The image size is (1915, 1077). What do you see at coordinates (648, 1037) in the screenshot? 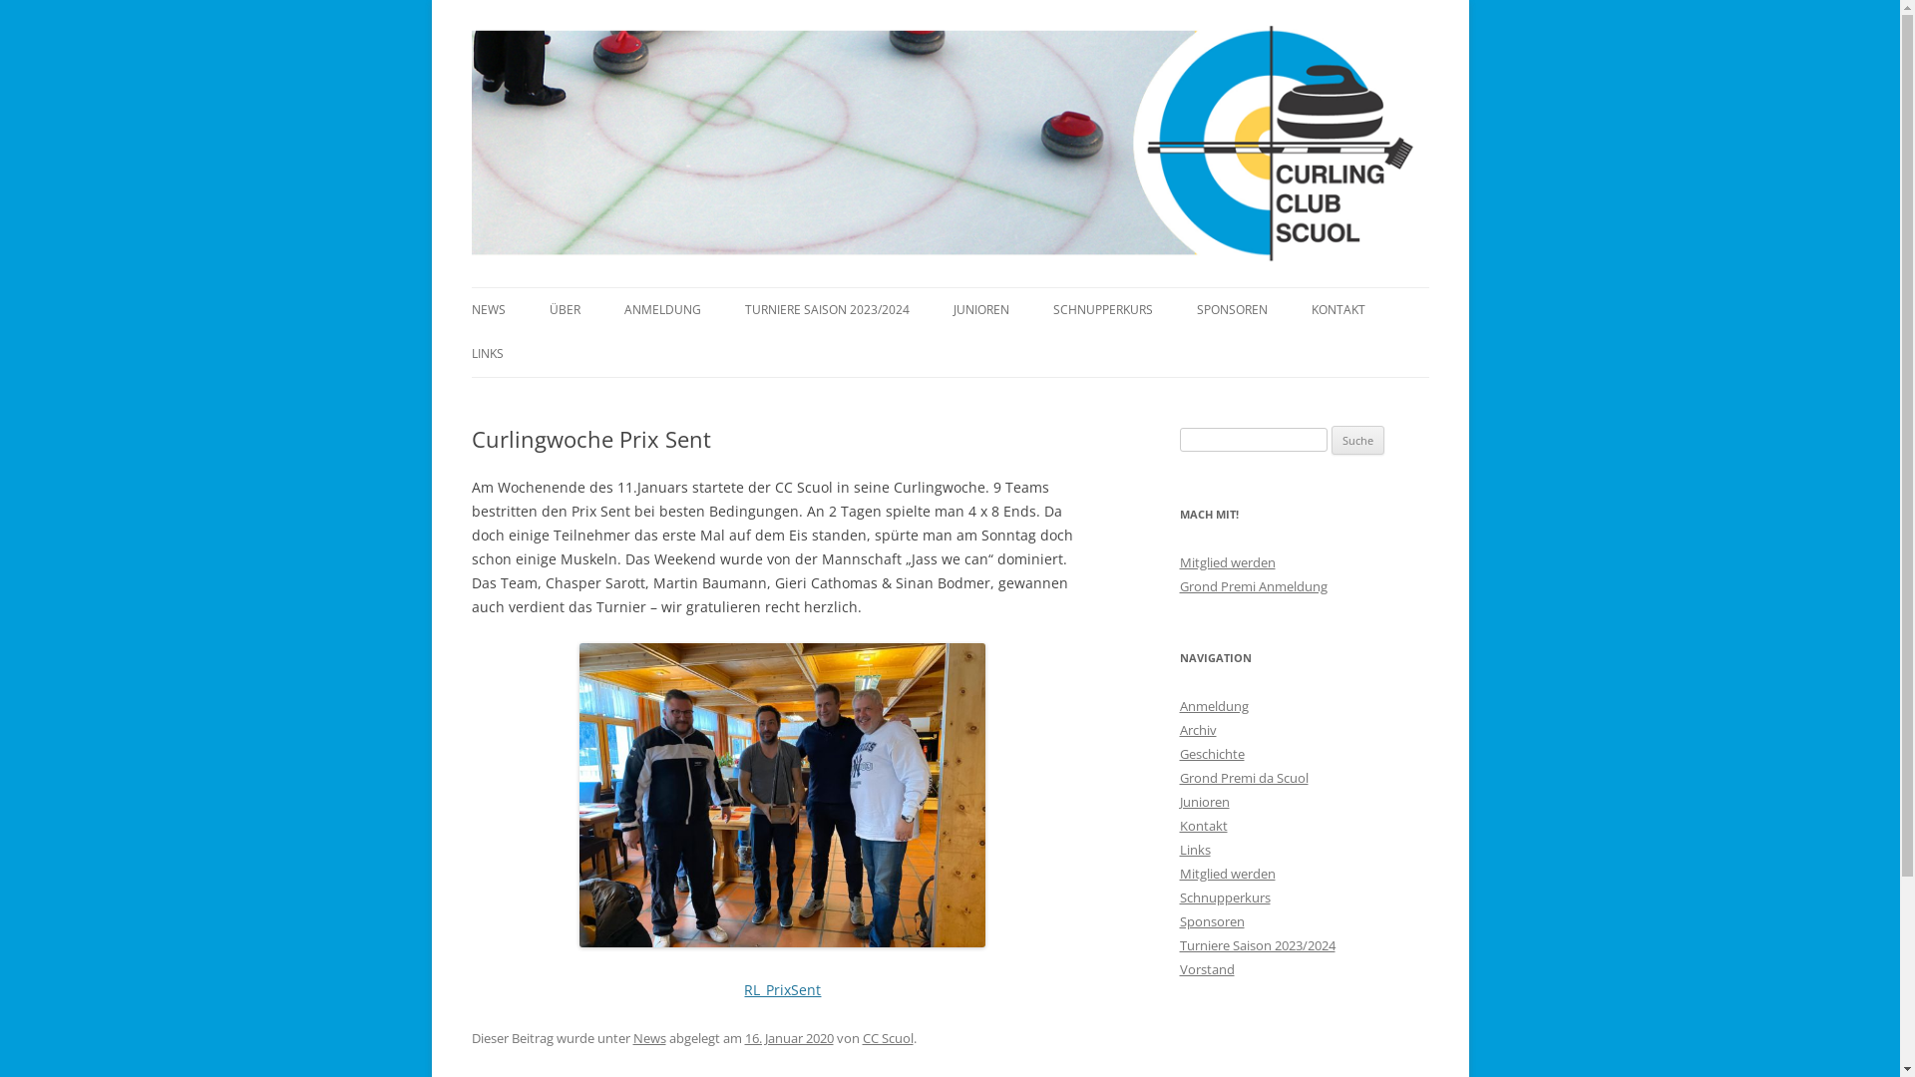
I see `'News'` at bounding box center [648, 1037].